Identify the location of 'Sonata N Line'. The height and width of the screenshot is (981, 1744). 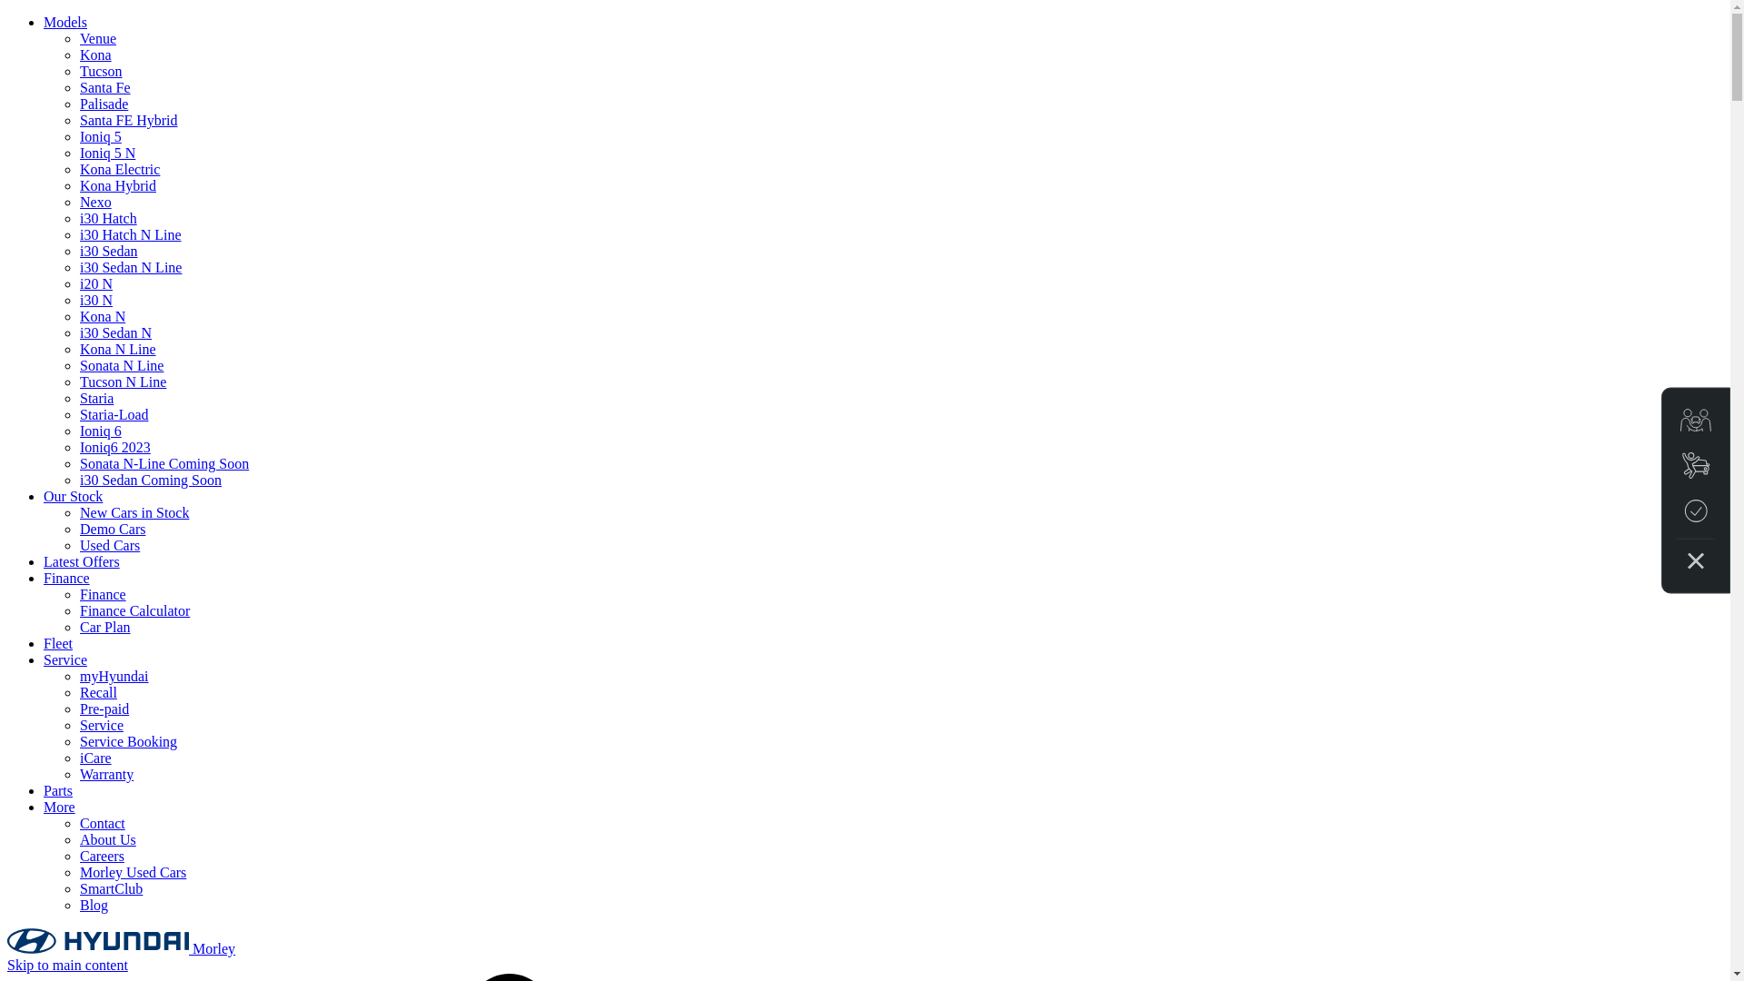
(121, 365).